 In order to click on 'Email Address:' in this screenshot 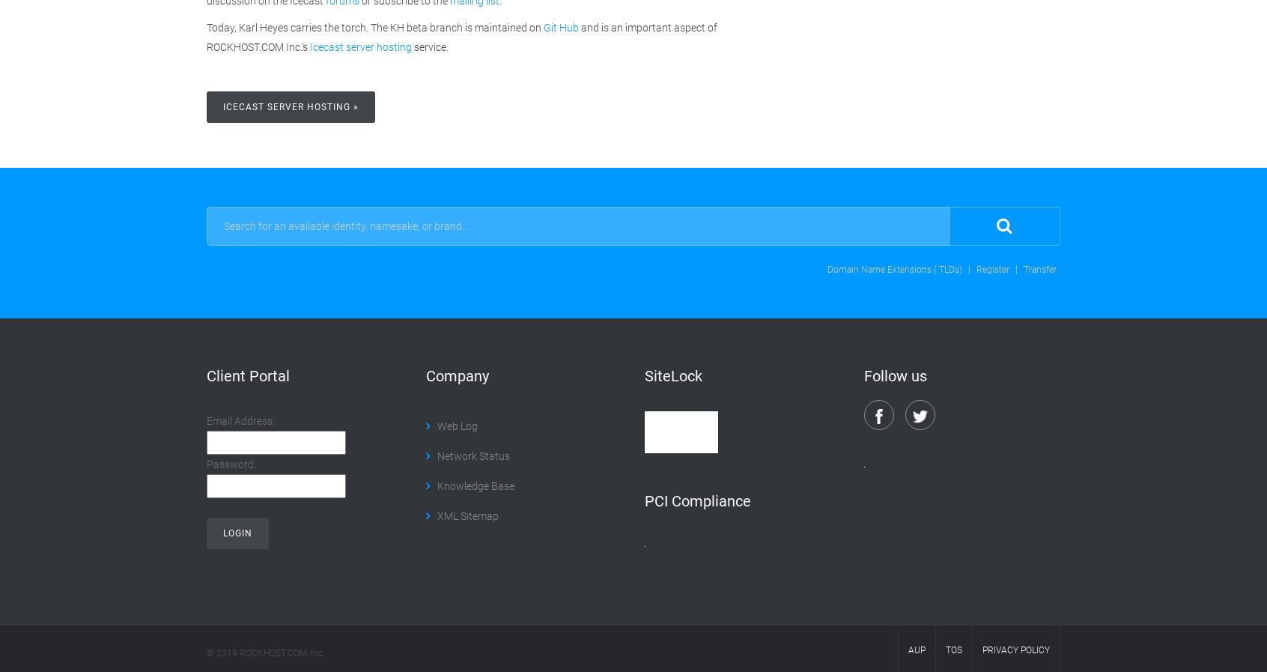, I will do `click(206, 420)`.